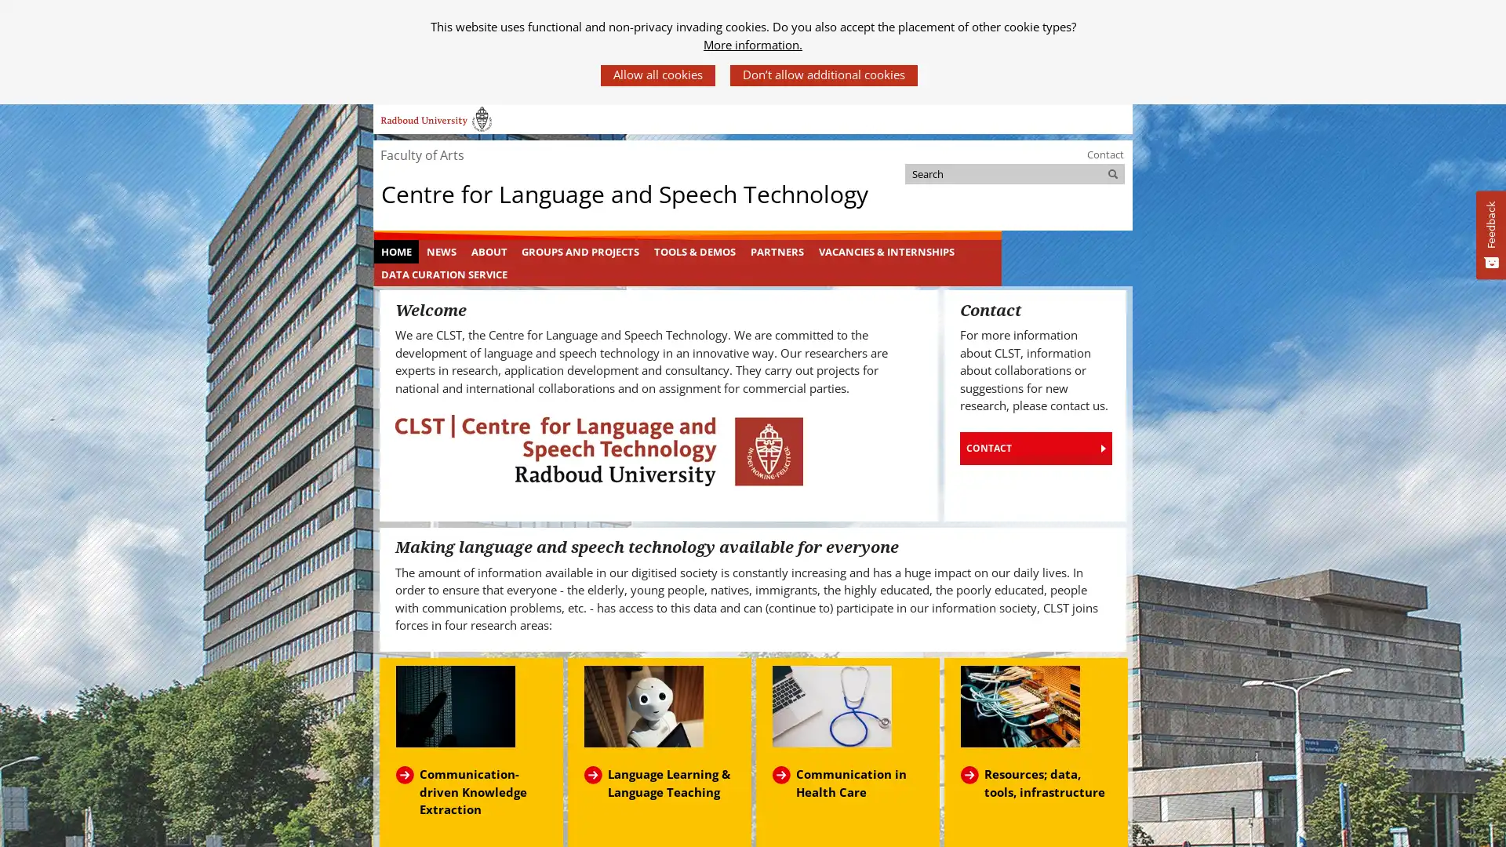 The width and height of the screenshot is (1506, 847). Describe the element at coordinates (657, 75) in the screenshot. I see `Allow all cookies` at that location.